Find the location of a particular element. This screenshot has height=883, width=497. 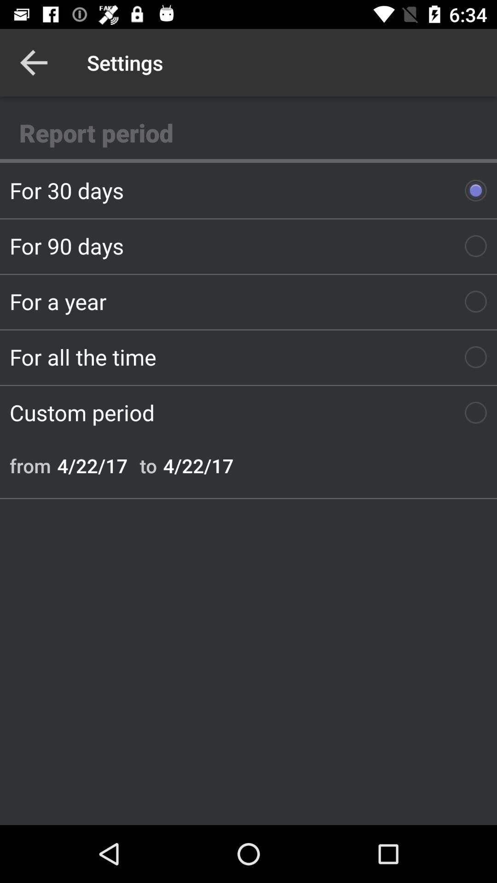

item above custom period item is located at coordinates (248, 356).